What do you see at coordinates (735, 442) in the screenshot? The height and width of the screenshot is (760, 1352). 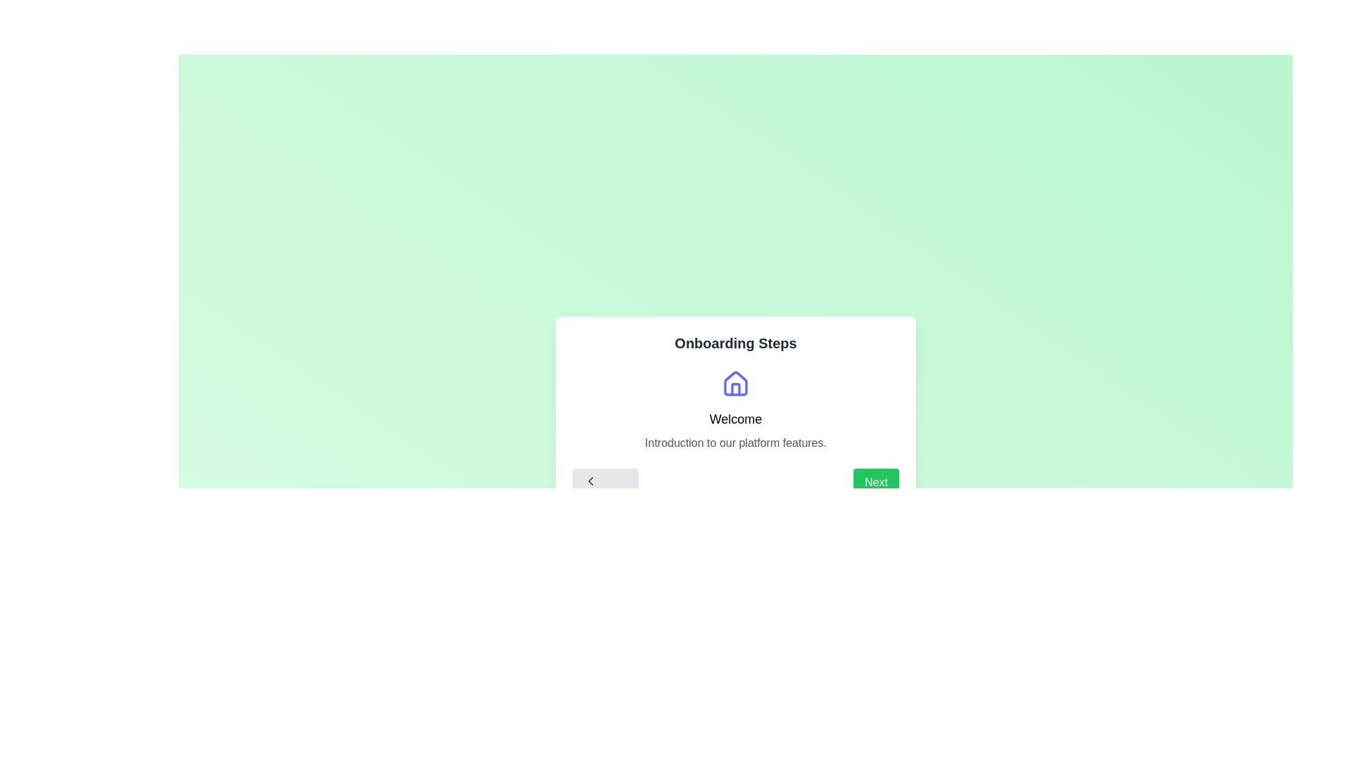 I see `the text element displaying 'Introduction to our platform features.' which is centered below the 'Welcome' header in the onboarding module` at bounding box center [735, 442].